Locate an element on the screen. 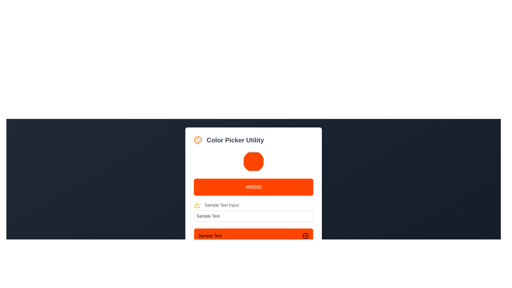 The image size is (512, 288). the text label that reads 'Sample Text Input:', styled in a gray color, located below the large orange box and to the right of the yellow warning icon is located at coordinates (222, 205).